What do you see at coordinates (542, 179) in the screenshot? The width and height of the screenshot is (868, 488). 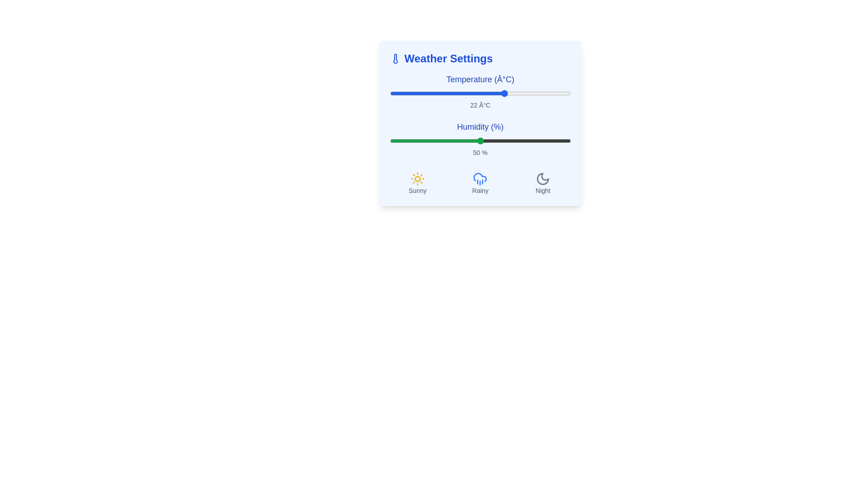 I see `the crescent moon icon representing 'Night' located in the bottom-right section of the 'Weather Settings' card` at bounding box center [542, 179].